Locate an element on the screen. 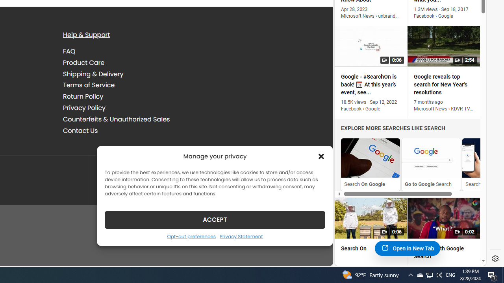  'Product Care' is located at coordinates (84, 62).